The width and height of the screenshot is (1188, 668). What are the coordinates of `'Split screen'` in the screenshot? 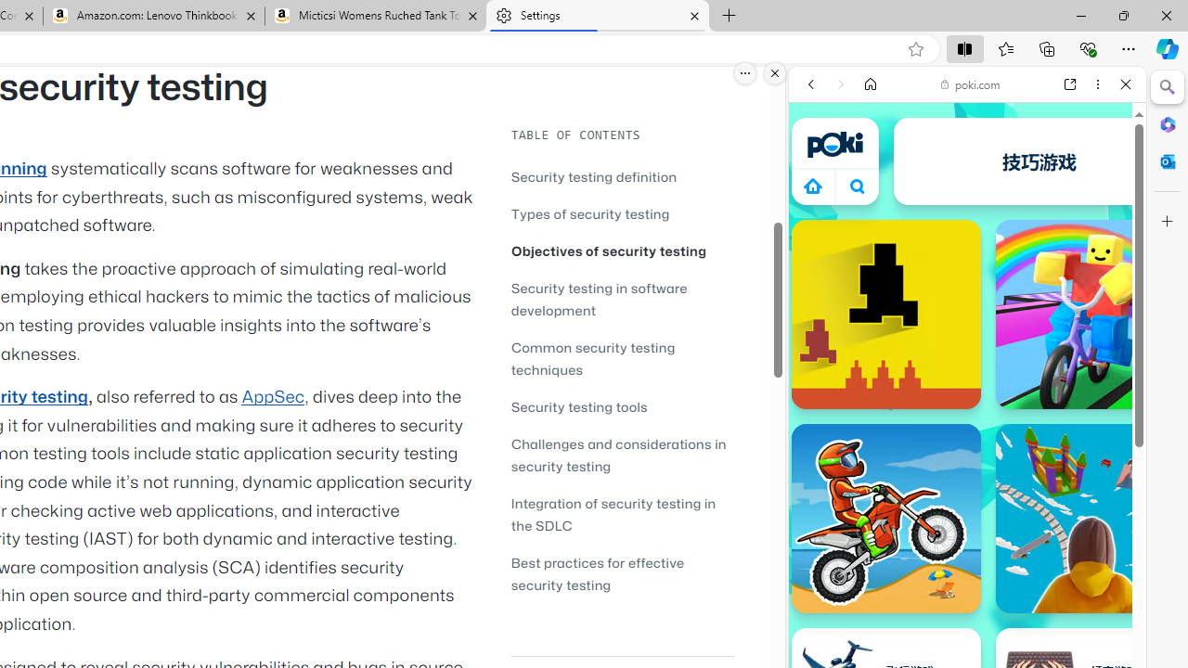 It's located at (965, 47).